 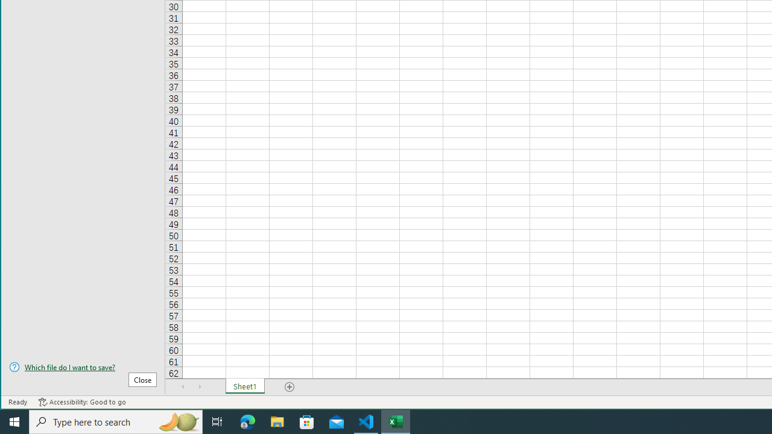 What do you see at coordinates (244, 386) in the screenshot?
I see `'Sheet1'` at bounding box center [244, 386].